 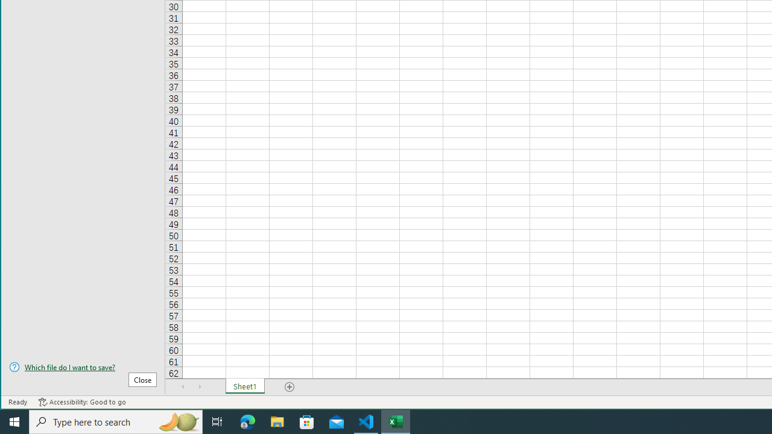 What do you see at coordinates (244, 386) in the screenshot?
I see `'Sheet1'` at bounding box center [244, 386].